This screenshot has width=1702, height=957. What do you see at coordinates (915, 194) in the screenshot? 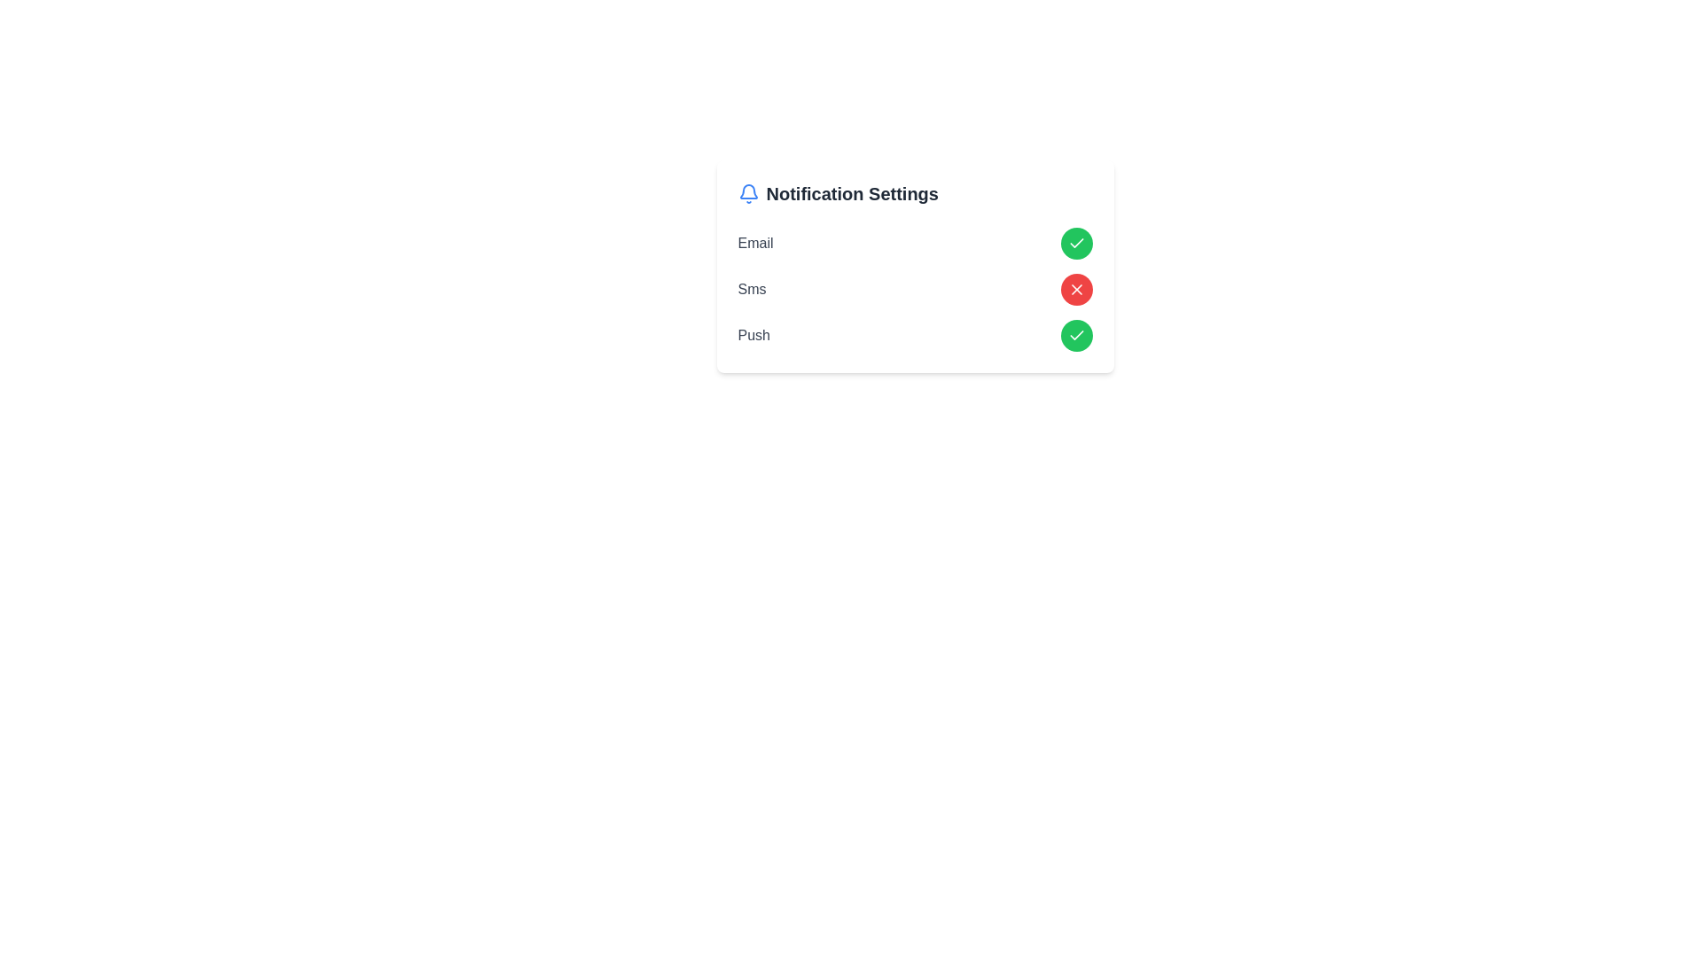
I see `the Heading with Icon that serves as the title for the notification settings section, located at the top of the settings card above the options for Email, SMS, and Push notifications` at bounding box center [915, 194].